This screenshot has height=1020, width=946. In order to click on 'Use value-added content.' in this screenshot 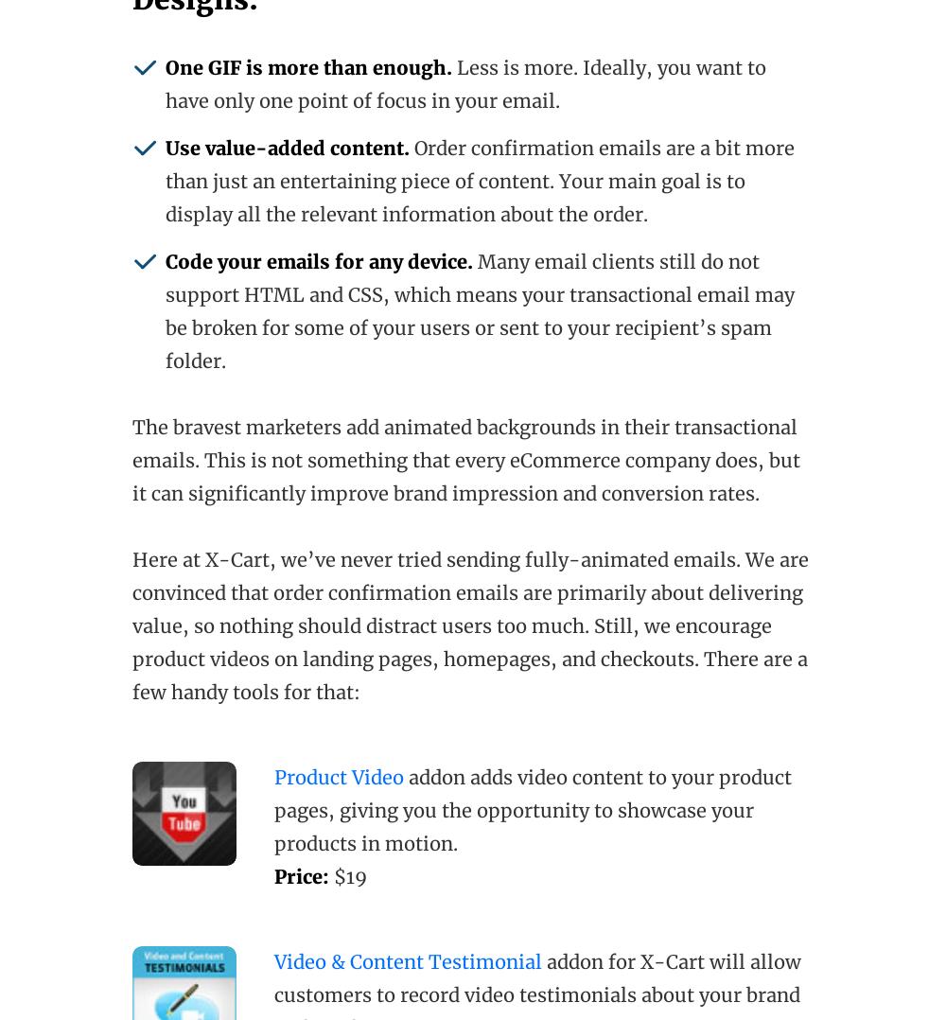, I will do `click(288, 147)`.